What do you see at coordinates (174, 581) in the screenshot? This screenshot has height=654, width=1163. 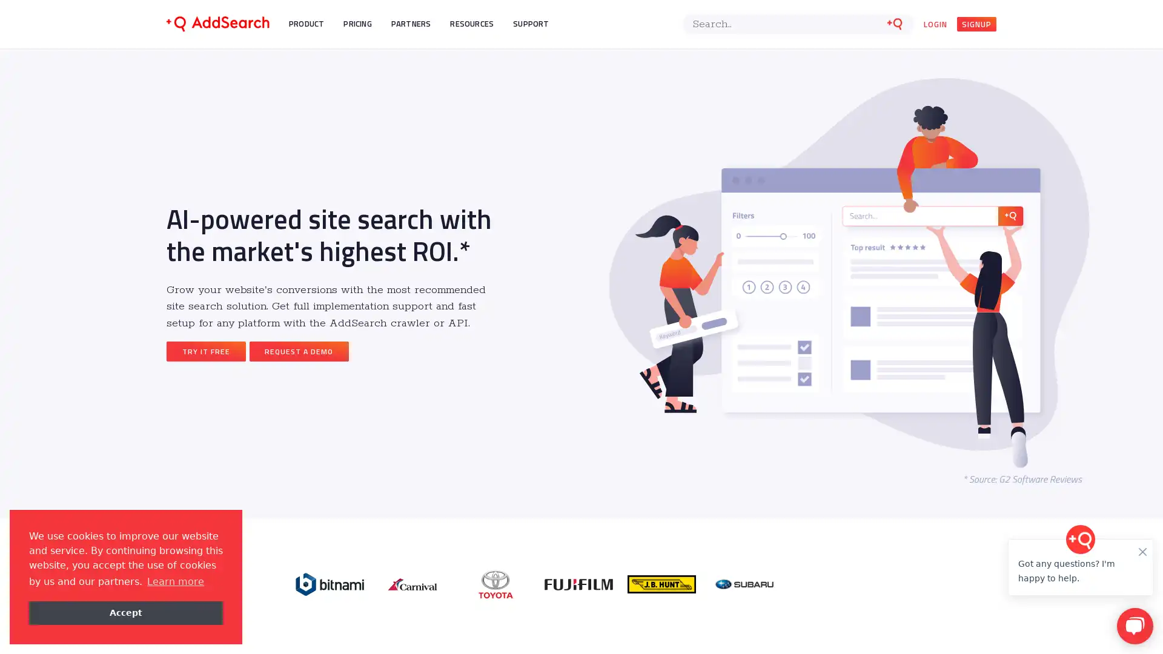 I see `learn more about cookies` at bounding box center [174, 581].